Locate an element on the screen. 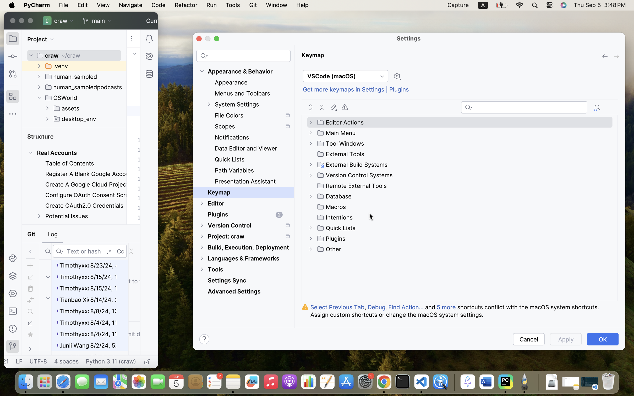  'VSCode (macOS)' is located at coordinates (345, 76).